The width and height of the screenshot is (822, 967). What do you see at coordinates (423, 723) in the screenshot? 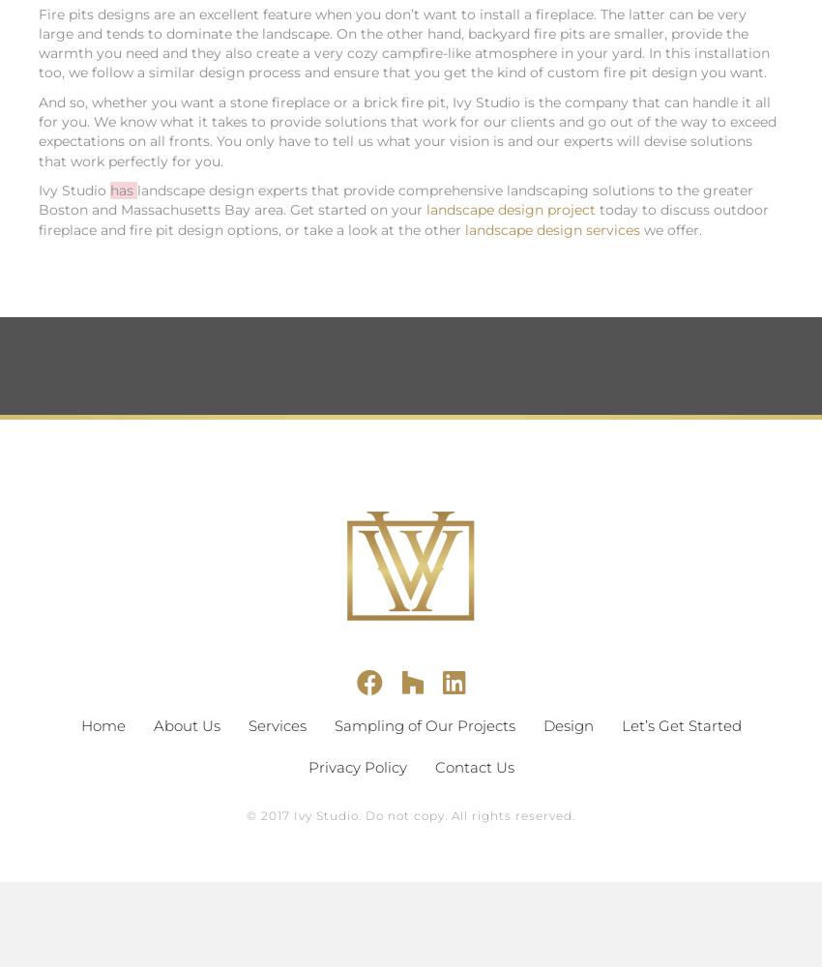
I see `'Sampling of Our Projects'` at bounding box center [423, 723].